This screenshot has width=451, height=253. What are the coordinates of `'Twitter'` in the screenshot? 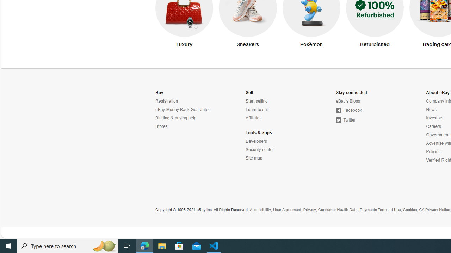 It's located at (346, 120).